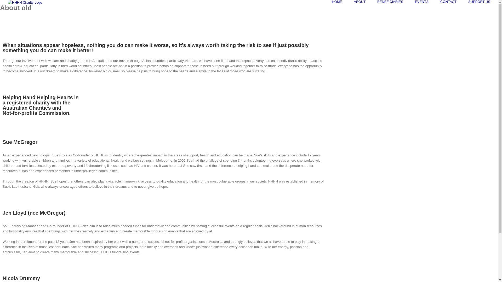  I want to click on 'EVENTS', so click(421, 2).